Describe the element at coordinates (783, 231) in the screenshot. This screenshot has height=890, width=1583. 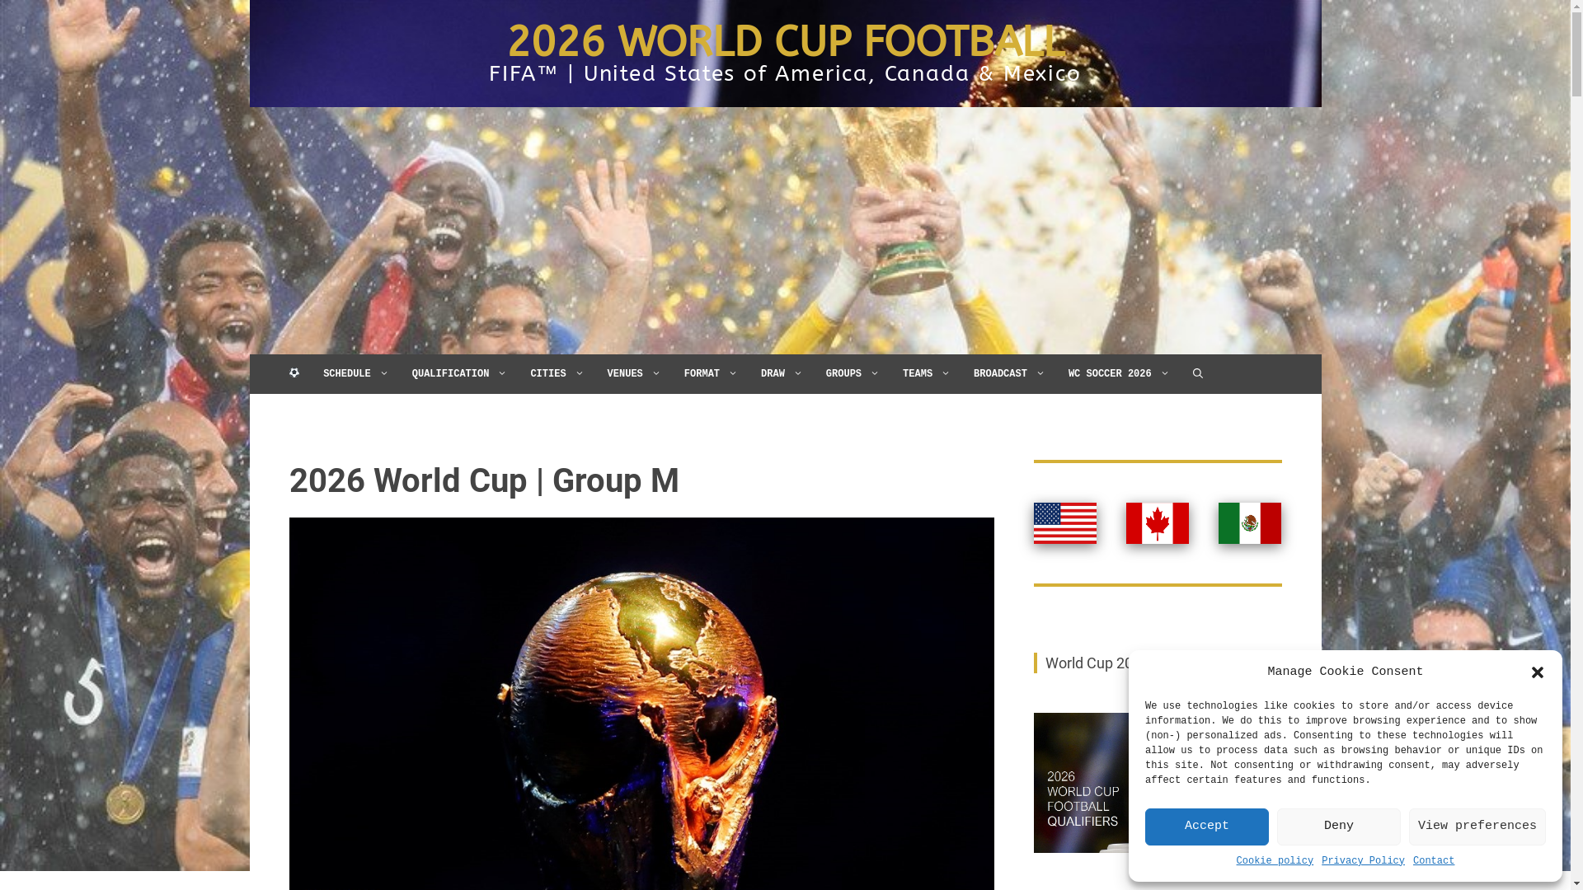
I see `'Advertisement'` at that location.